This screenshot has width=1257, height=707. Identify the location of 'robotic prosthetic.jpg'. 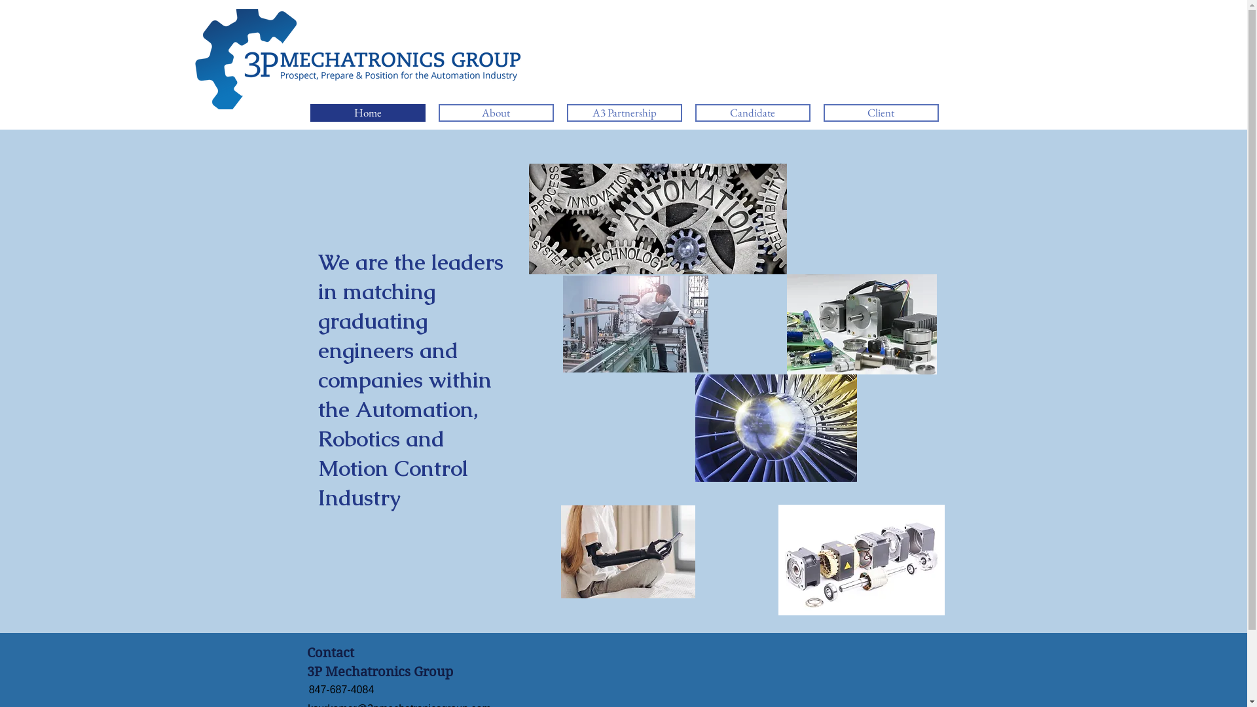
(627, 552).